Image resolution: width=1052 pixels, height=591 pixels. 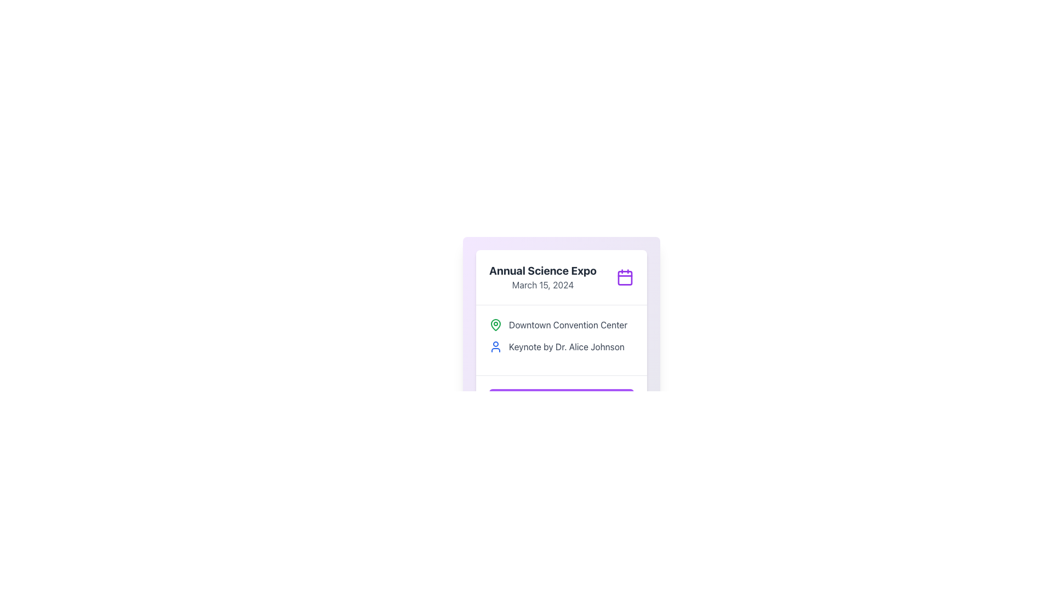 I want to click on the map pin icon located to the left of the text 'Downtown Convention Center' within the information card interface, so click(x=495, y=324).